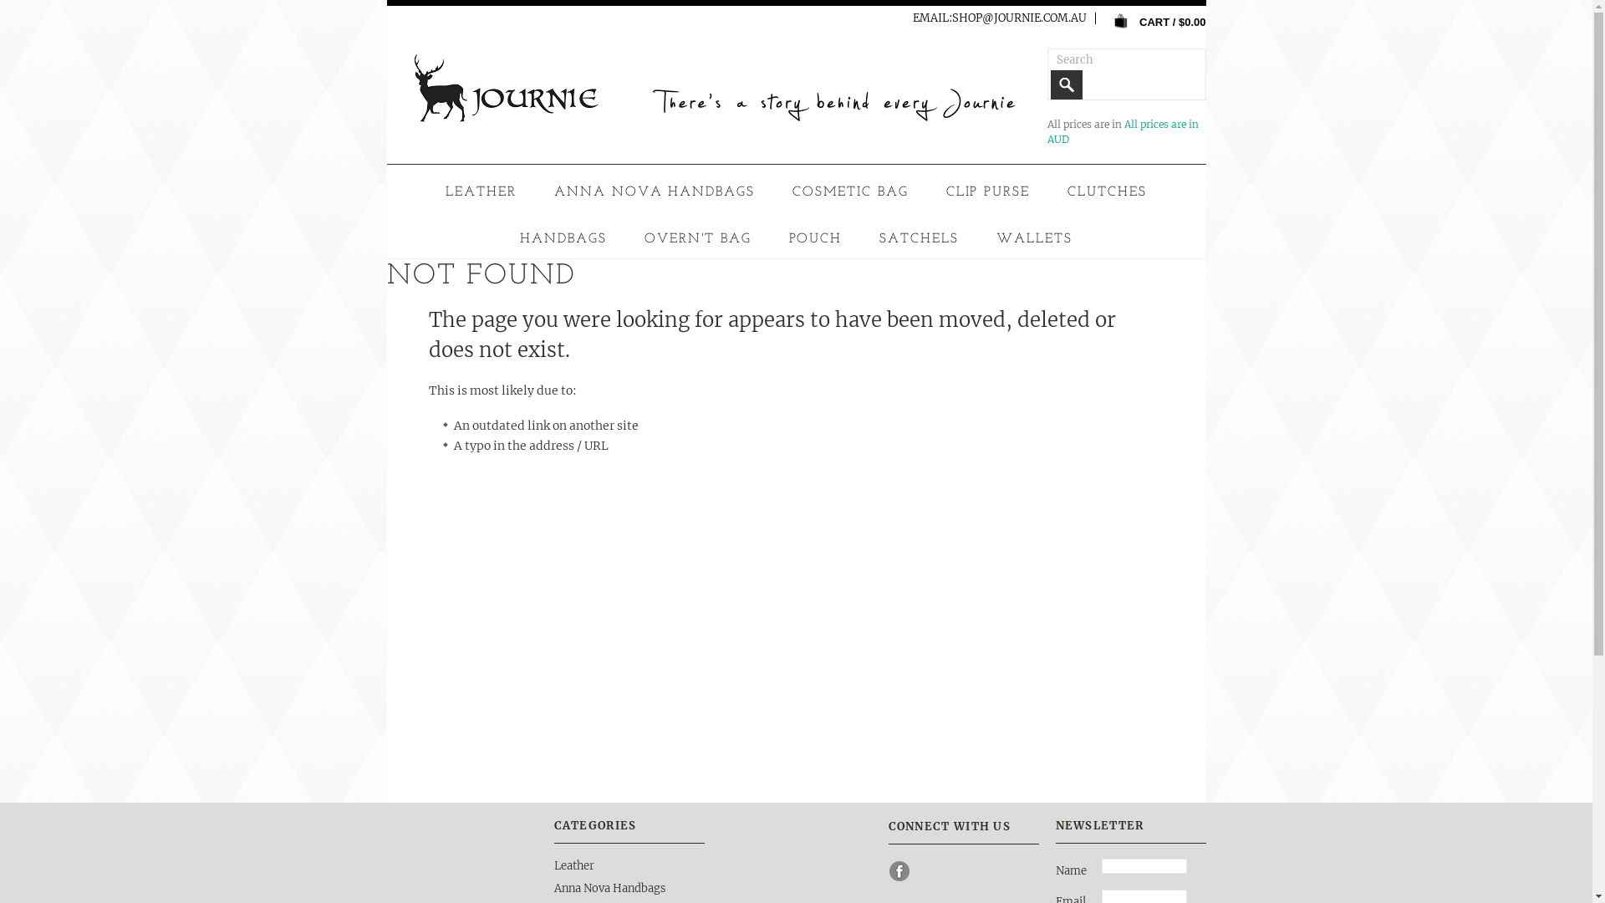 Image resolution: width=1605 pixels, height=903 pixels. Describe the element at coordinates (1154, 20) in the screenshot. I see `' CART / $0.00'` at that location.